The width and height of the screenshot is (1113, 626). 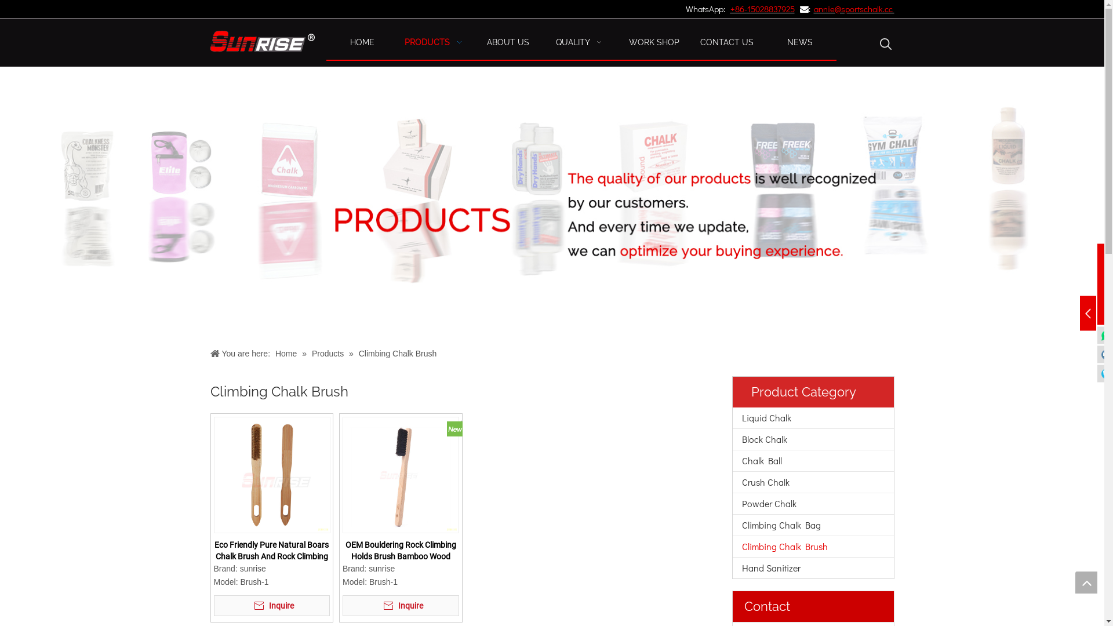 I want to click on 'Home', so click(x=287, y=352).